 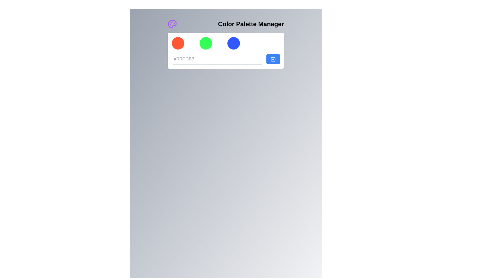 I want to click on the SVG-based graphical icon within the button on the right side of the color selection interface, so click(x=273, y=59).